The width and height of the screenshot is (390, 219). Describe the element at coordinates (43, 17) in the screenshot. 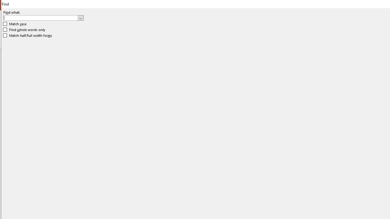

I see `'Find what'` at that location.